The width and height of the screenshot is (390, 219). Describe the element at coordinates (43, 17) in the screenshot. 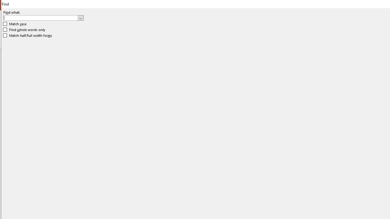

I see `'Find what'` at that location.